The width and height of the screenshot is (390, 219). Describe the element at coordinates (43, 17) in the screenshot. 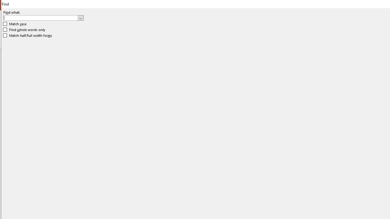

I see `'Find what'` at that location.